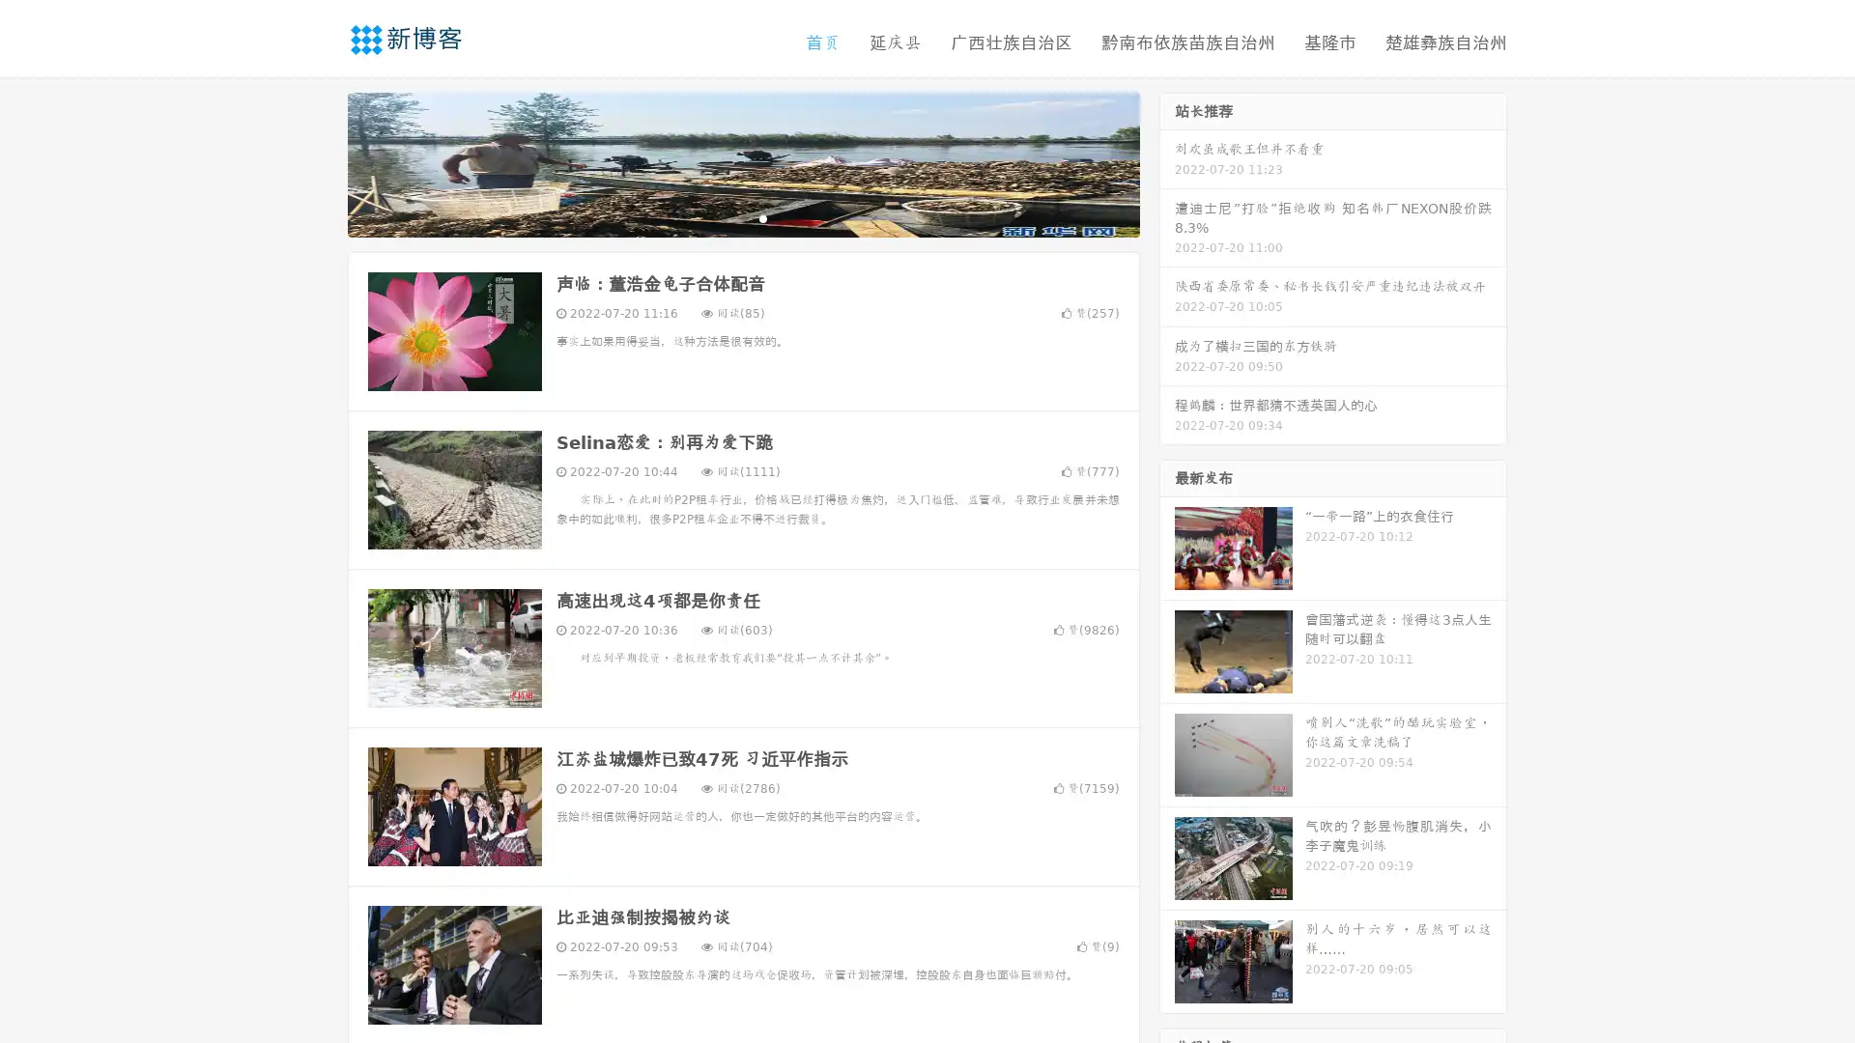 The image size is (1855, 1043). Describe the element at coordinates (723, 217) in the screenshot. I see `Go to slide 1` at that location.